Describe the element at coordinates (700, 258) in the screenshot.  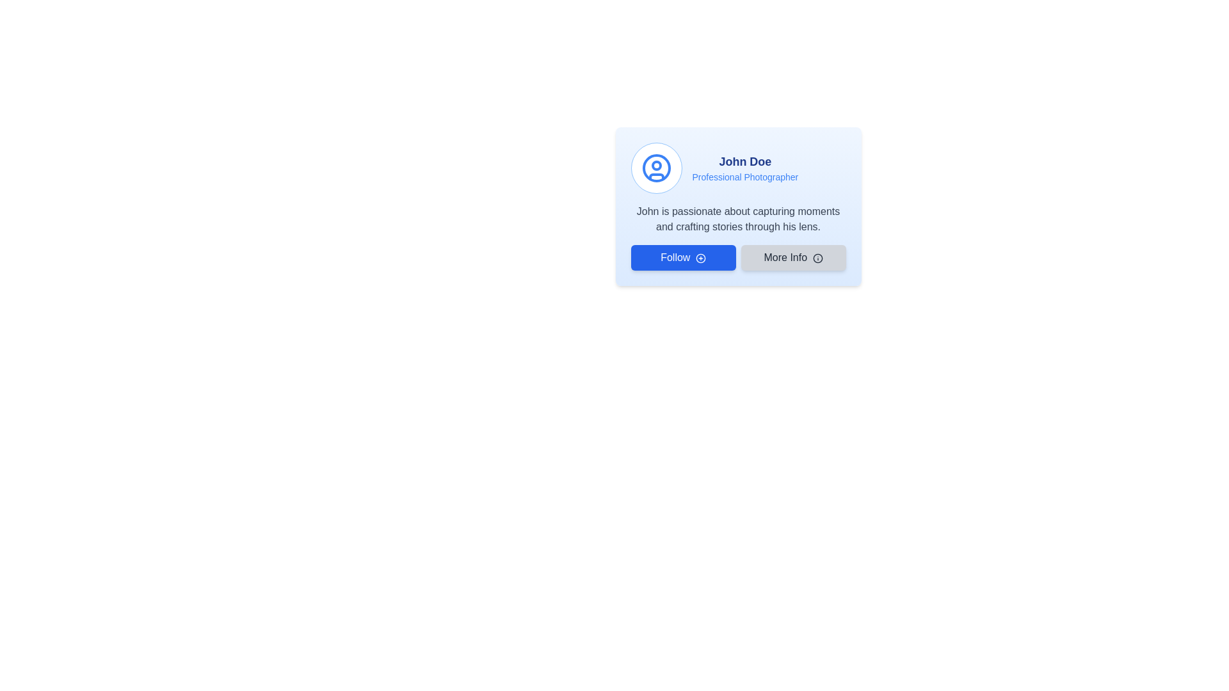
I see `the graphical icon component located inside the 'Follow' button, which is positioned to the right of its textual label` at that location.